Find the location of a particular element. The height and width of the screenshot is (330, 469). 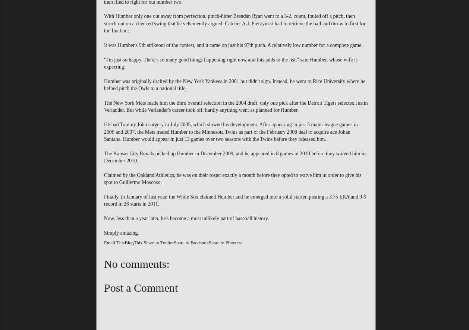

'Email This' is located at coordinates (114, 242).